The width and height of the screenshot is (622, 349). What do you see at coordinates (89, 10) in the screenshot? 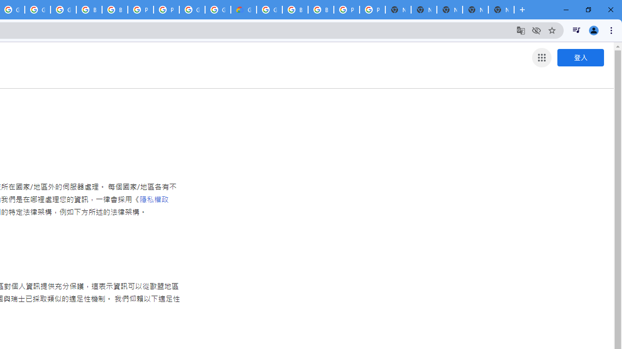
I see `'Browse Chrome as a guest - Computer - Google Chrome Help'` at bounding box center [89, 10].